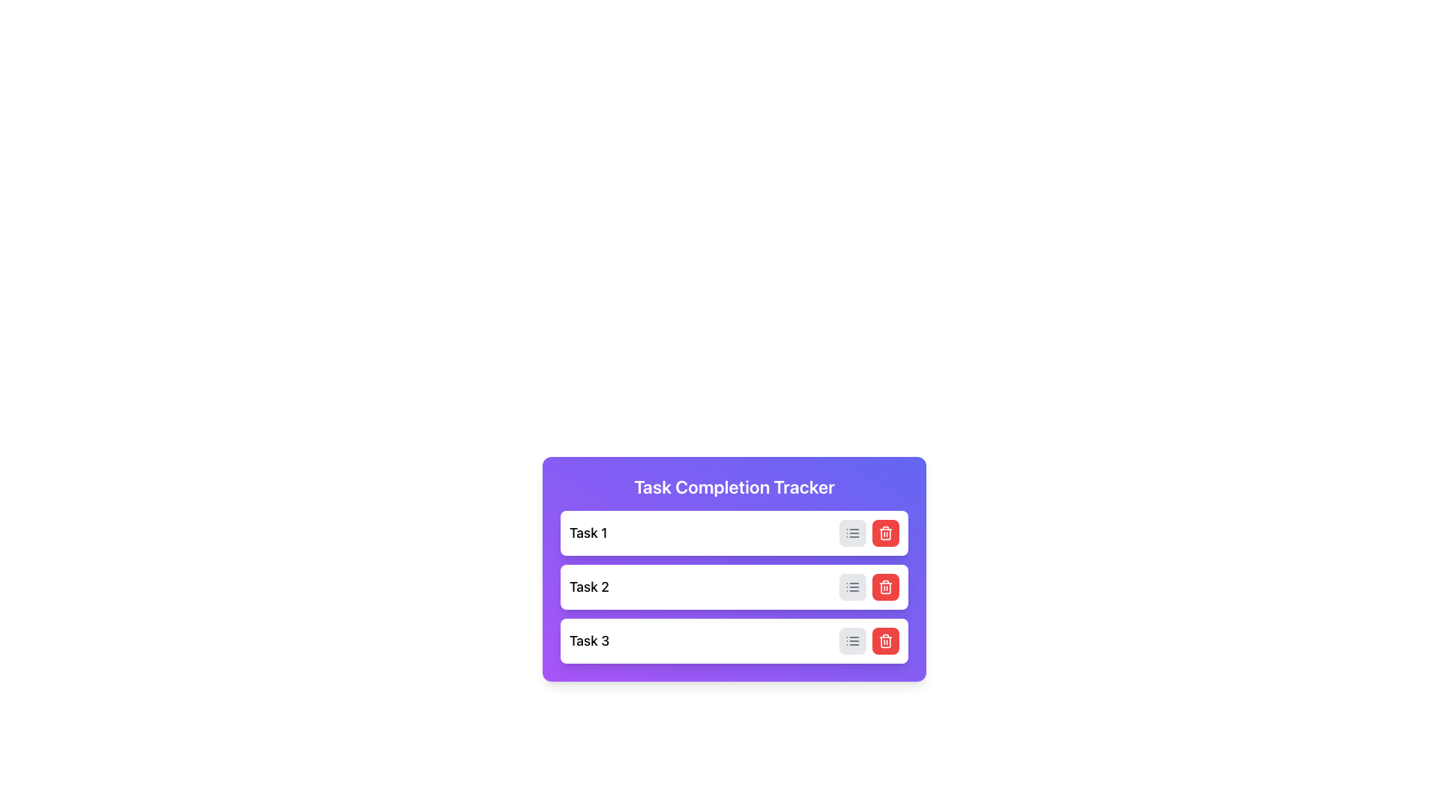 The width and height of the screenshot is (1439, 809). What do you see at coordinates (852, 640) in the screenshot?
I see `the button located on the right side of the 'Task 3' row` at bounding box center [852, 640].